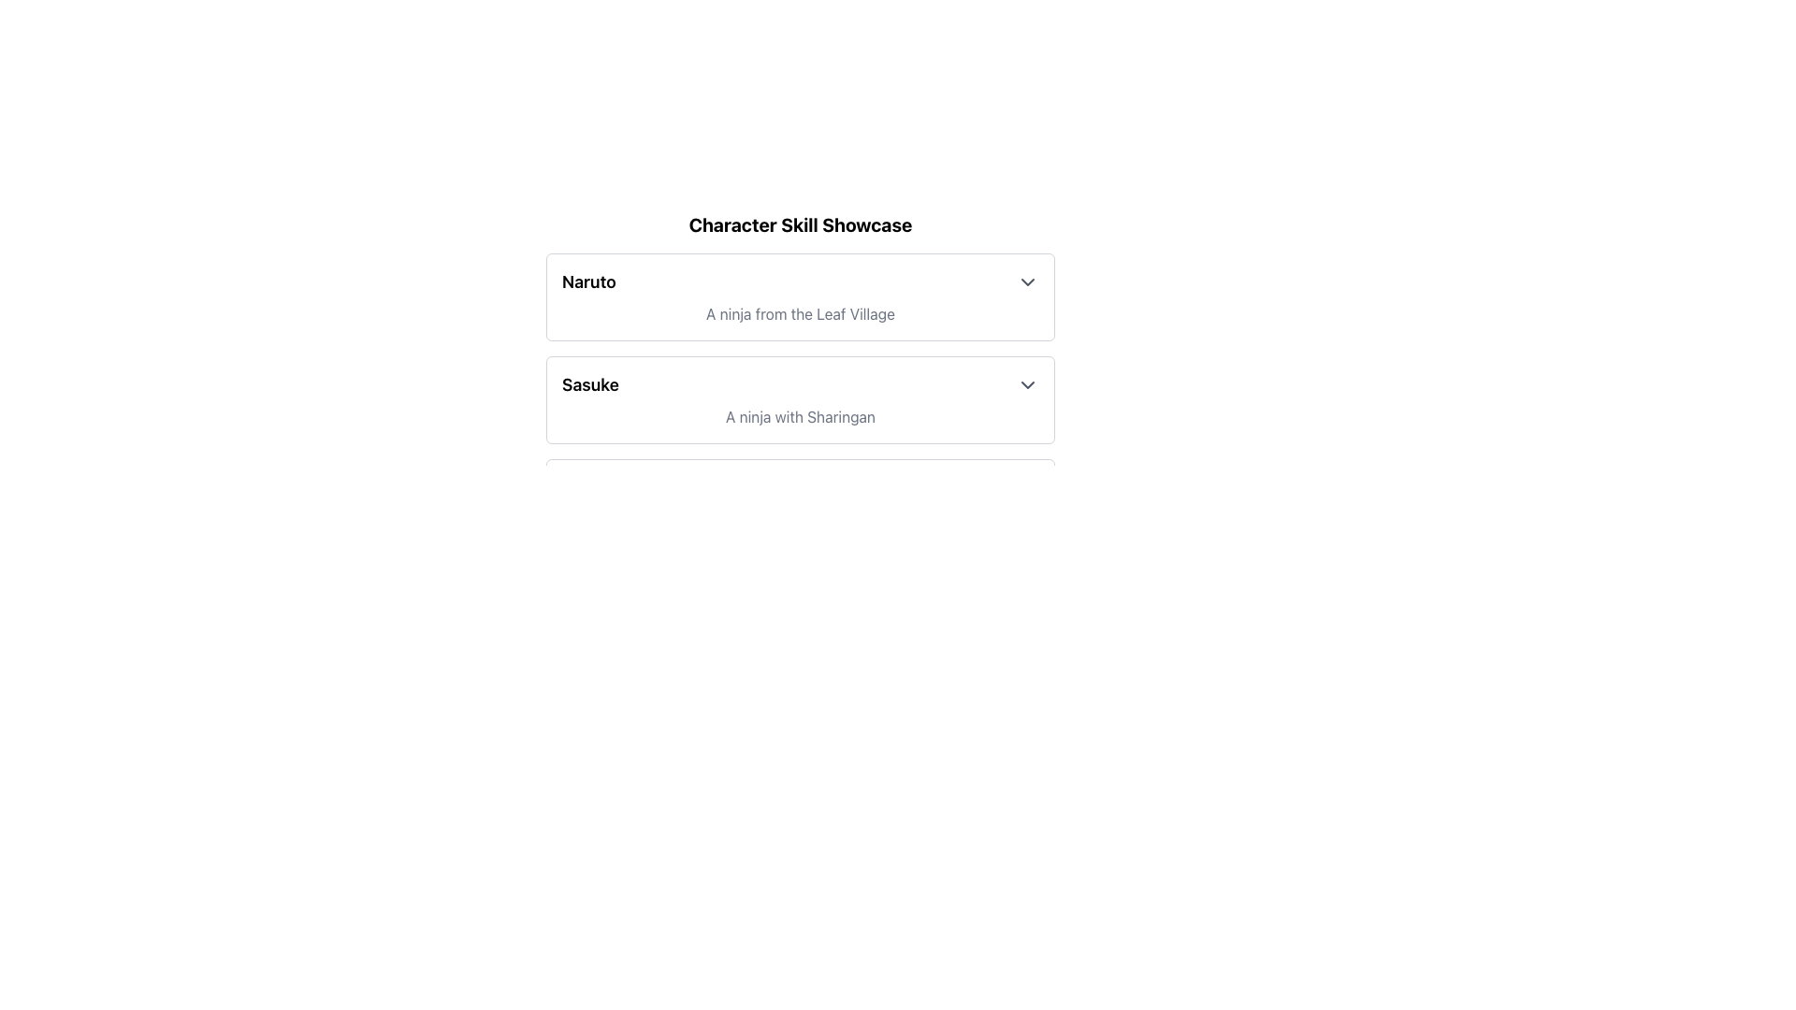  I want to click on the text label containing the phrase 'A ninja from the Leaf Village', which is styled in a smaller gray font and positioned below the main title 'Naruto', so click(800, 312).